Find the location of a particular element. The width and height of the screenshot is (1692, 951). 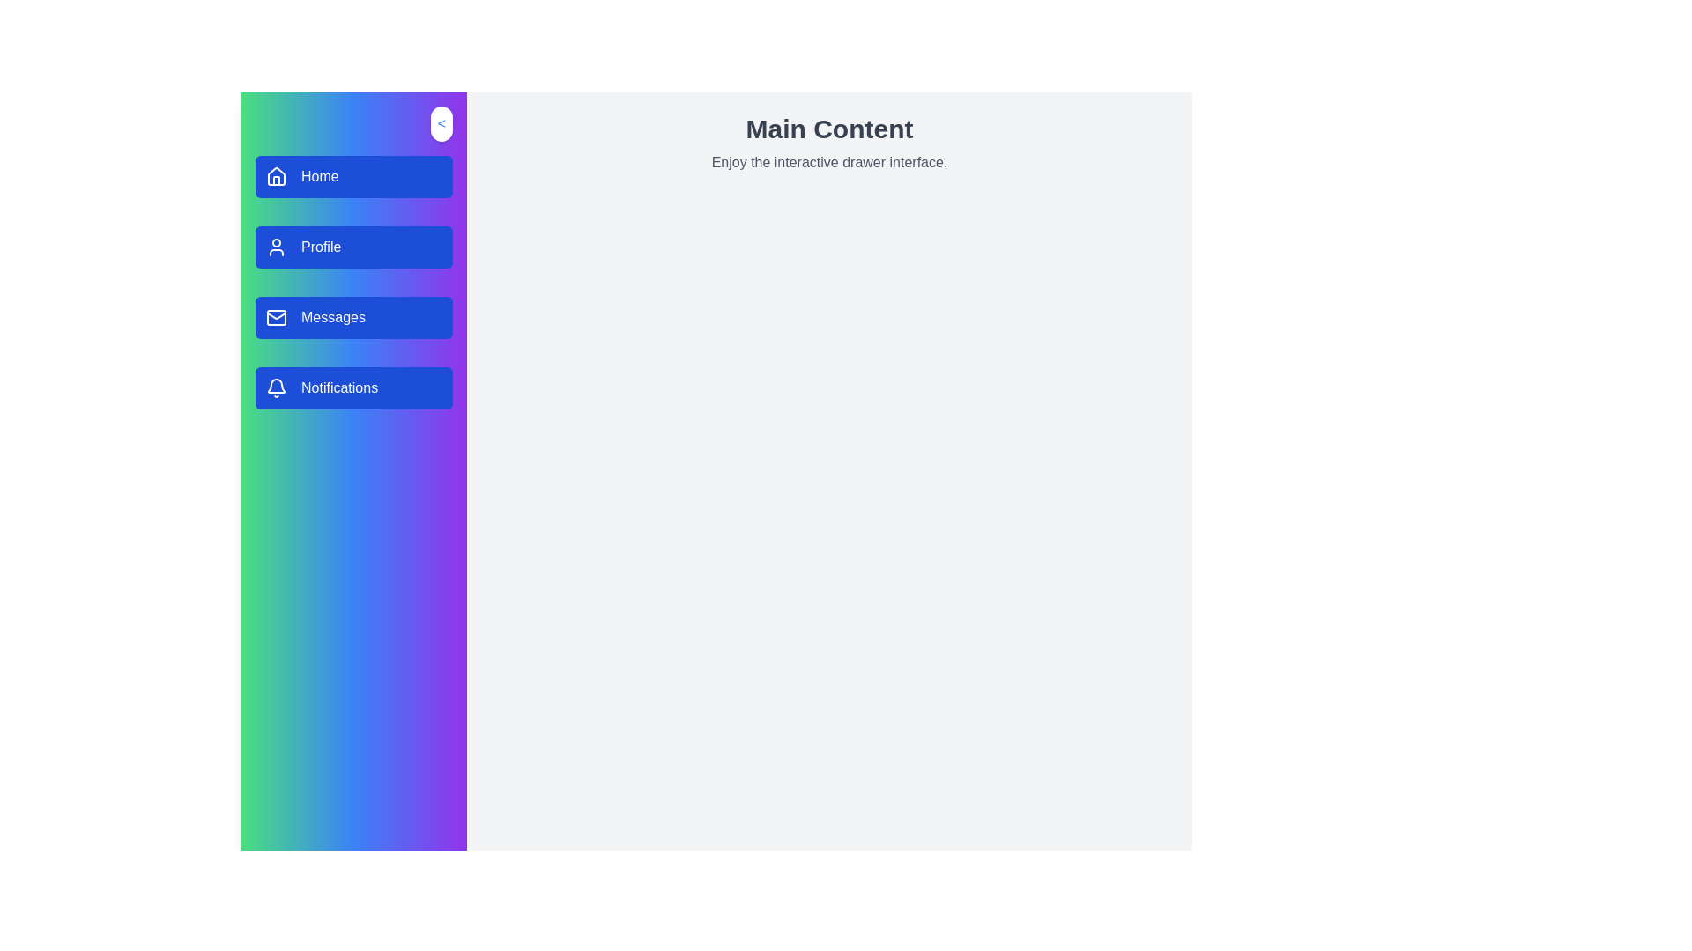

the button located at the top-right corner of the sidebar is located at coordinates (353, 123).